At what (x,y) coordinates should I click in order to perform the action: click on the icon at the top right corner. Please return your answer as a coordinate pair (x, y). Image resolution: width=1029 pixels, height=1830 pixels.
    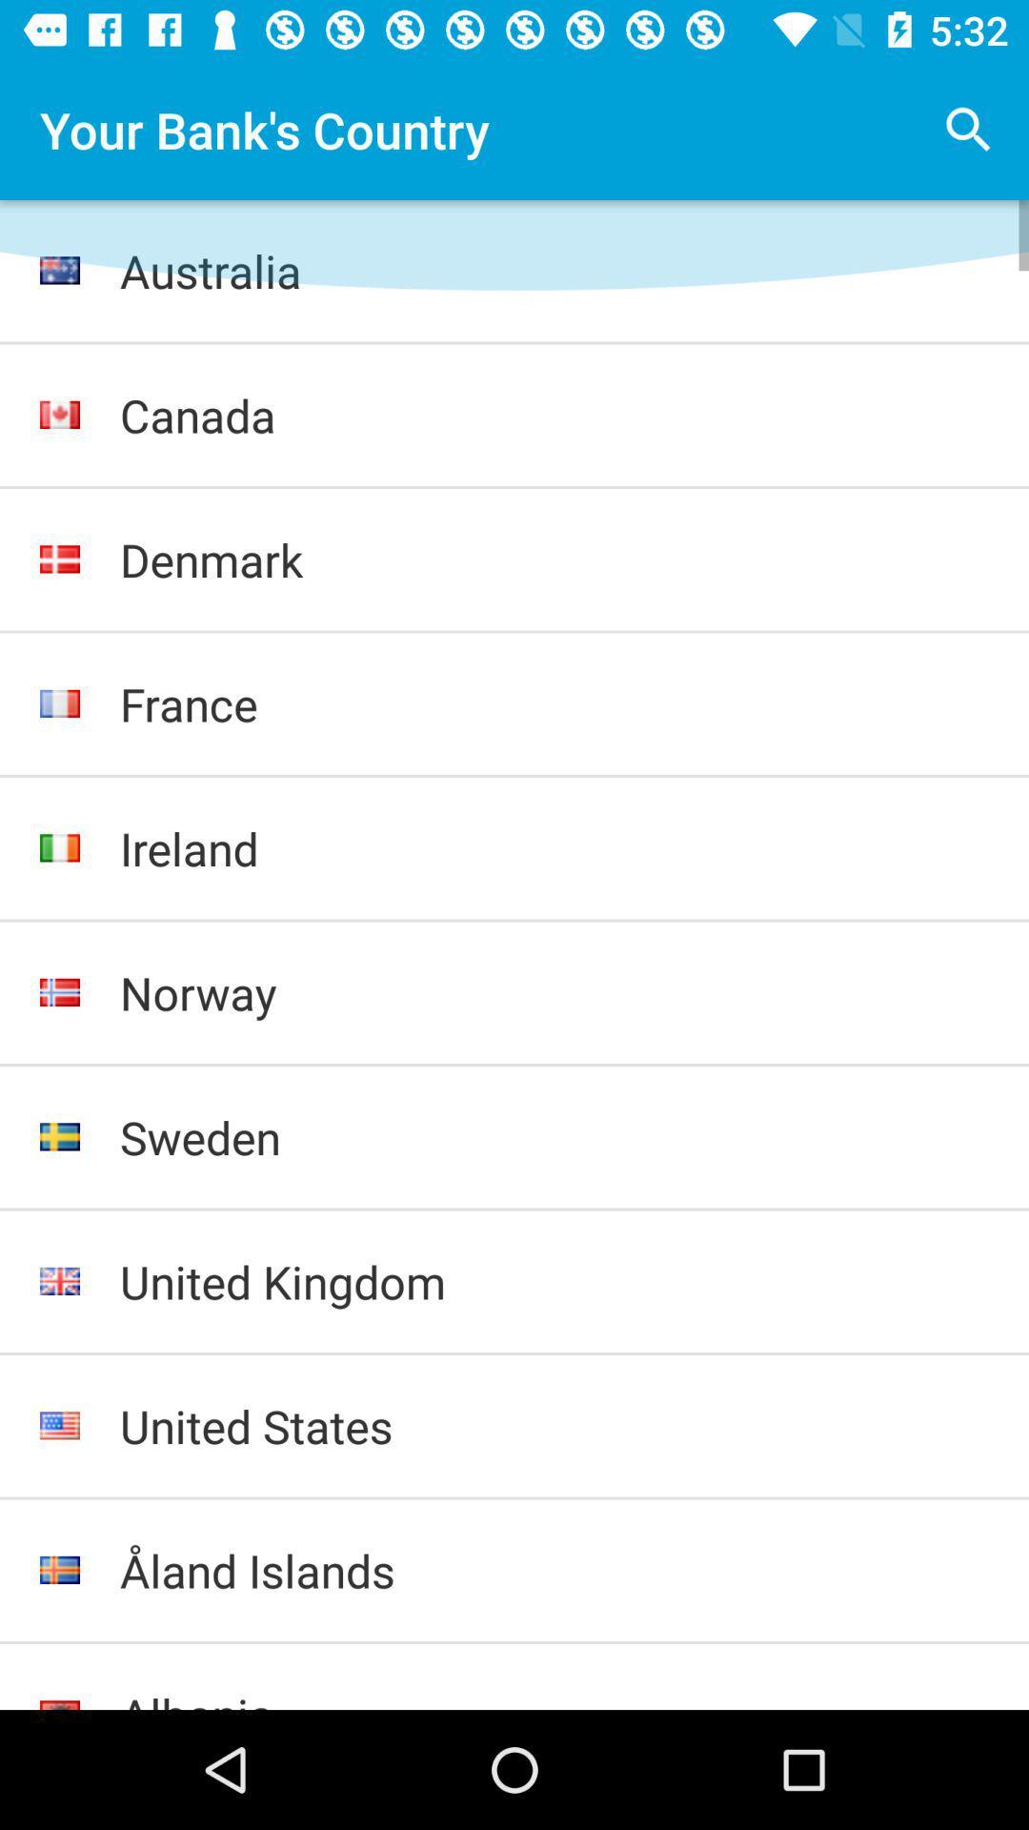
    Looking at the image, I should click on (969, 129).